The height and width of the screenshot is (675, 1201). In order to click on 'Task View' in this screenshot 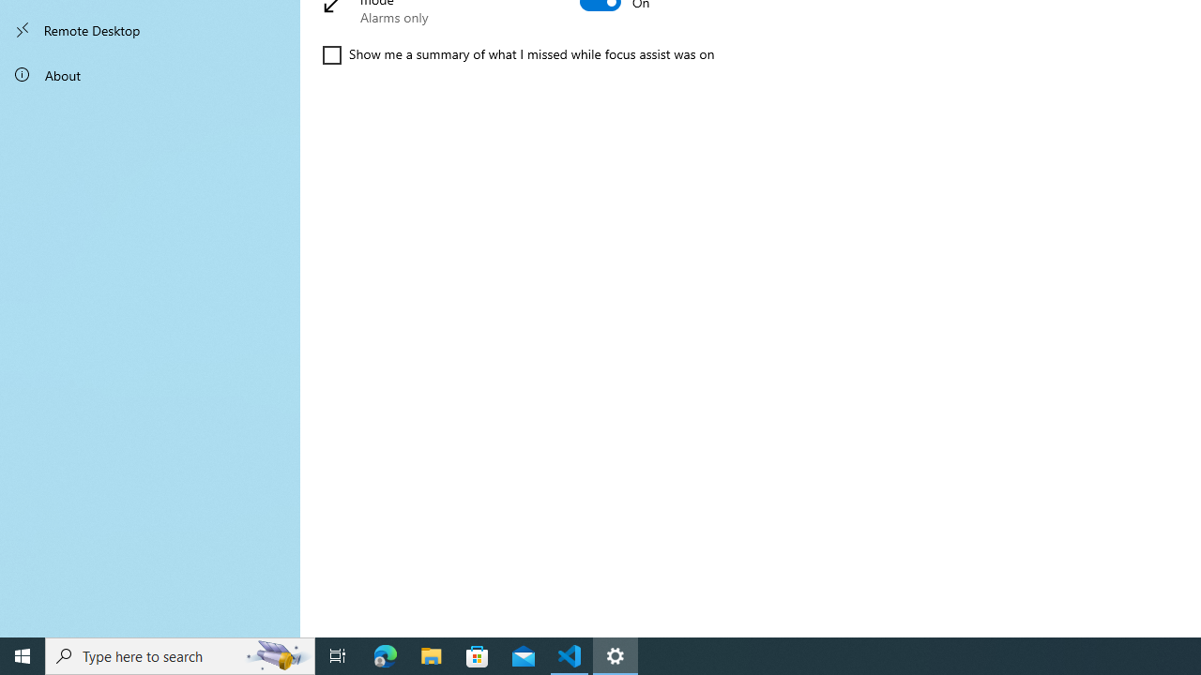, I will do `click(337, 654)`.